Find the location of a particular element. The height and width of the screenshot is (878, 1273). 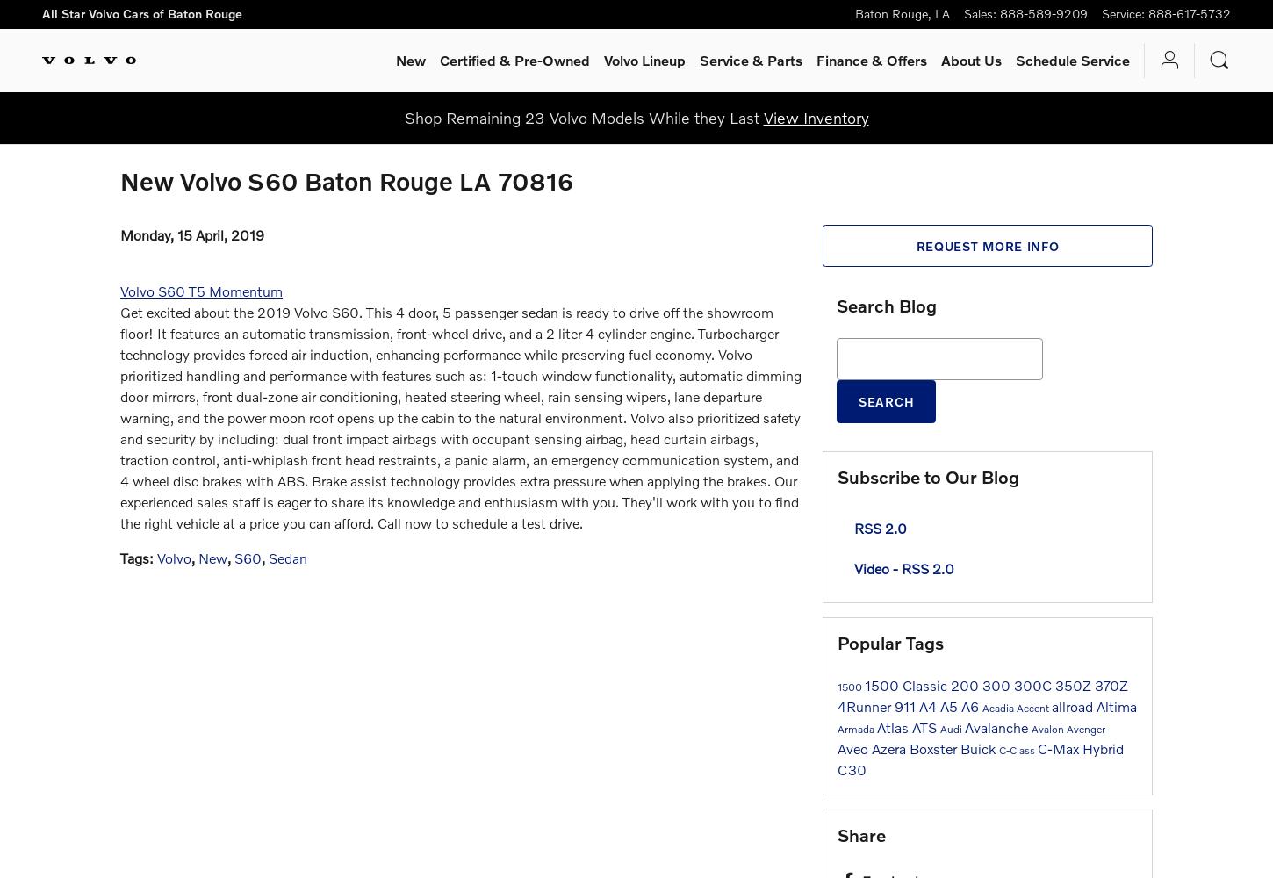

'Volvo Lineup' is located at coordinates (644, 59).